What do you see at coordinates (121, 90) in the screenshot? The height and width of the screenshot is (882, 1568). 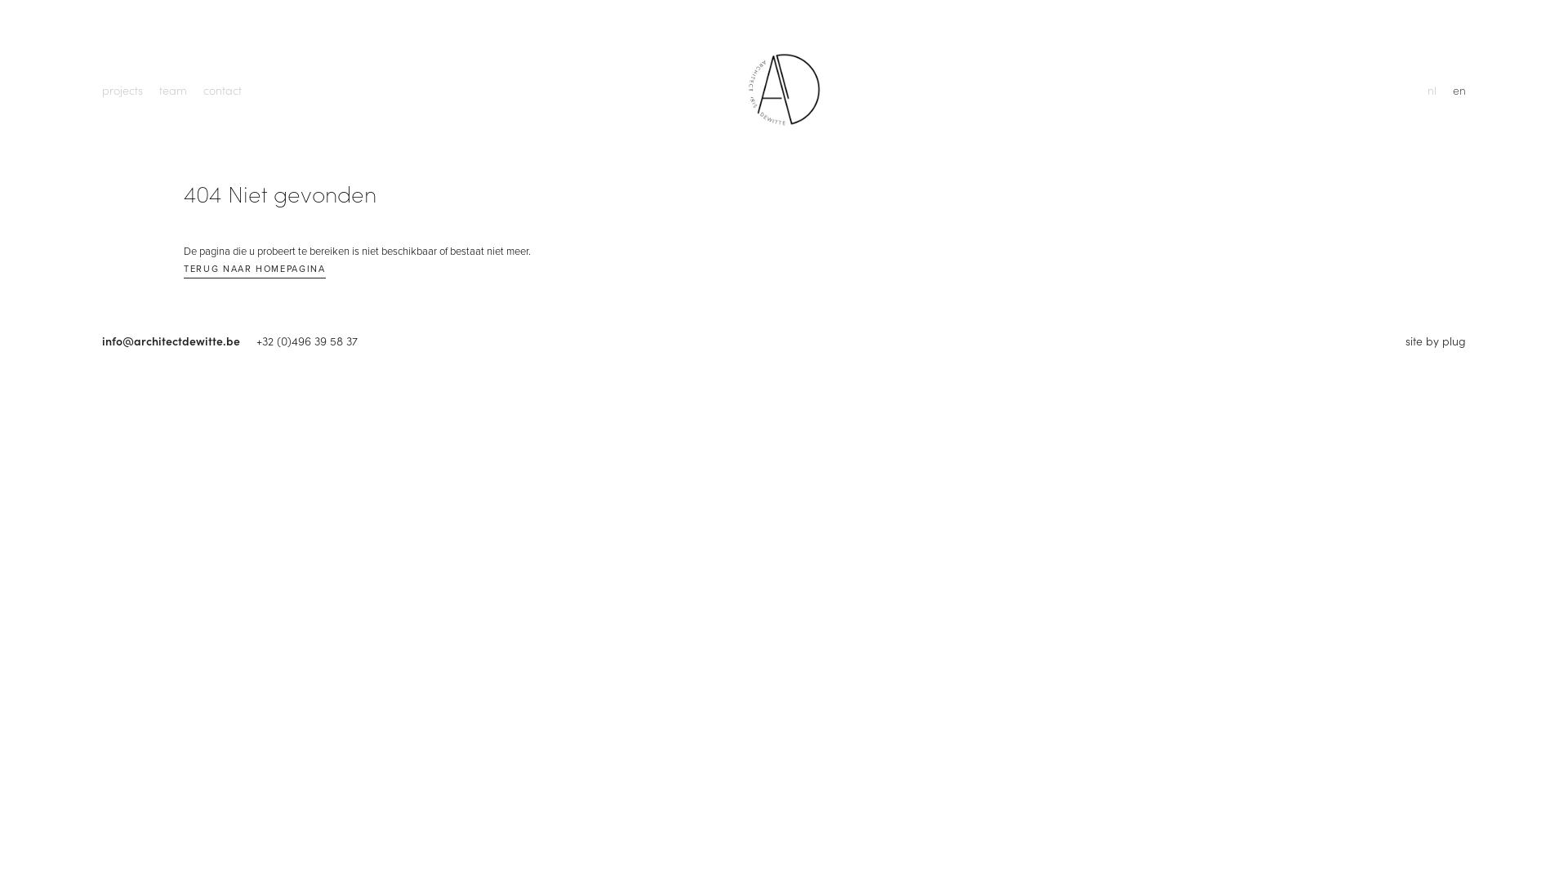 I see `'projects'` at bounding box center [121, 90].